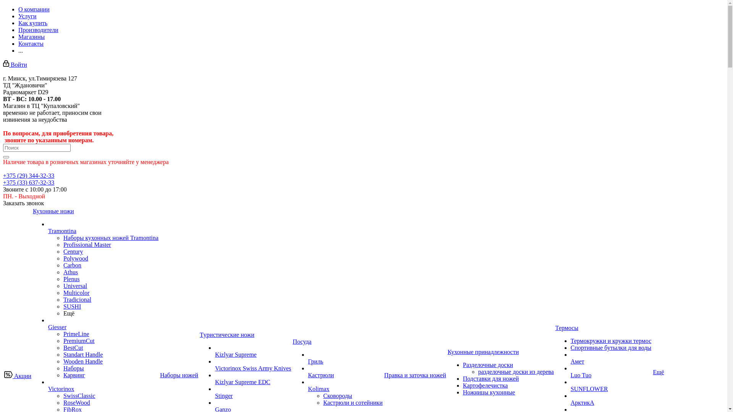  I want to click on 'Kizlyar Supreme EDC', so click(215, 377).